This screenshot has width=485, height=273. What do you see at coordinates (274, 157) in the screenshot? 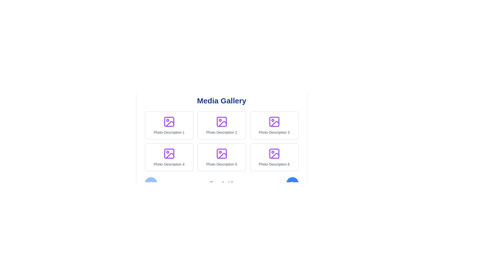
I see `the third card in the second row of the gallery preview, which contains an icon and a text label` at bounding box center [274, 157].